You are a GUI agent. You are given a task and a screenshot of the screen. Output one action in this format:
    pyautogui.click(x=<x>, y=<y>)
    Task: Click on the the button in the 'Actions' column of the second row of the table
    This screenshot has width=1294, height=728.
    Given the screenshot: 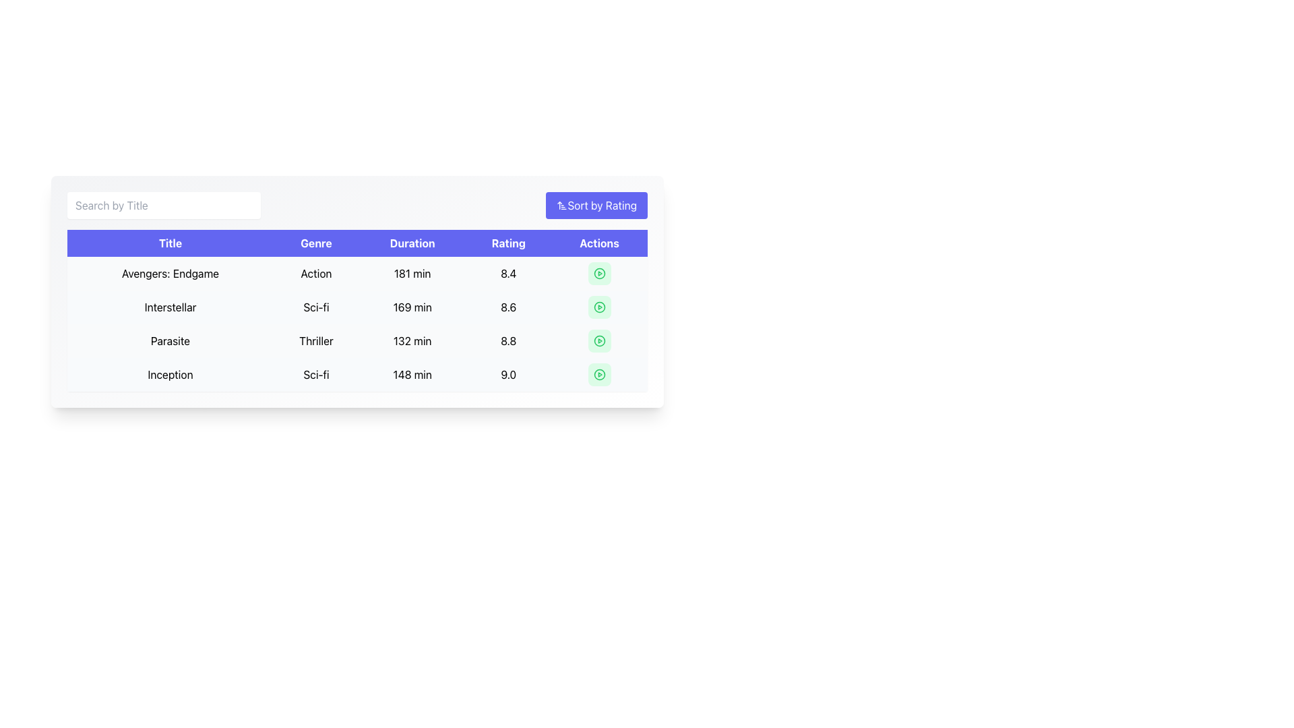 What is the action you would take?
    pyautogui.click(x=598, y=307)
    